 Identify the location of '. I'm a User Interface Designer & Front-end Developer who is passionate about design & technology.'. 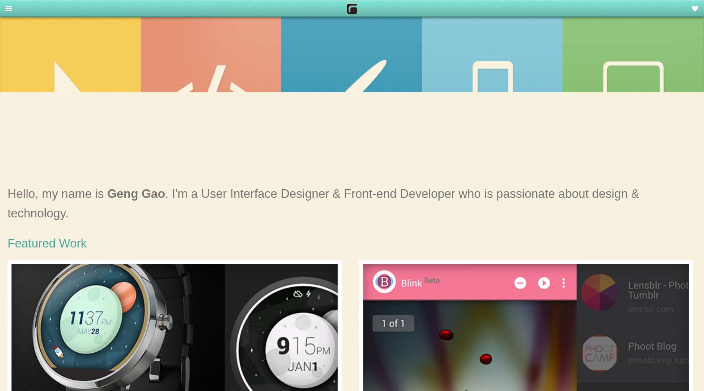
(323, 203).